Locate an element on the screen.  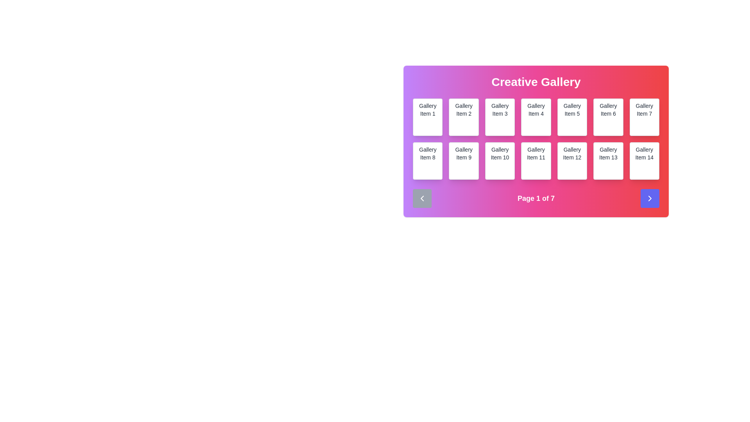
the 'Page 1 of 7' text display located at the bottom center of the Creative Gallery interface is located at coordinates (536, 198).